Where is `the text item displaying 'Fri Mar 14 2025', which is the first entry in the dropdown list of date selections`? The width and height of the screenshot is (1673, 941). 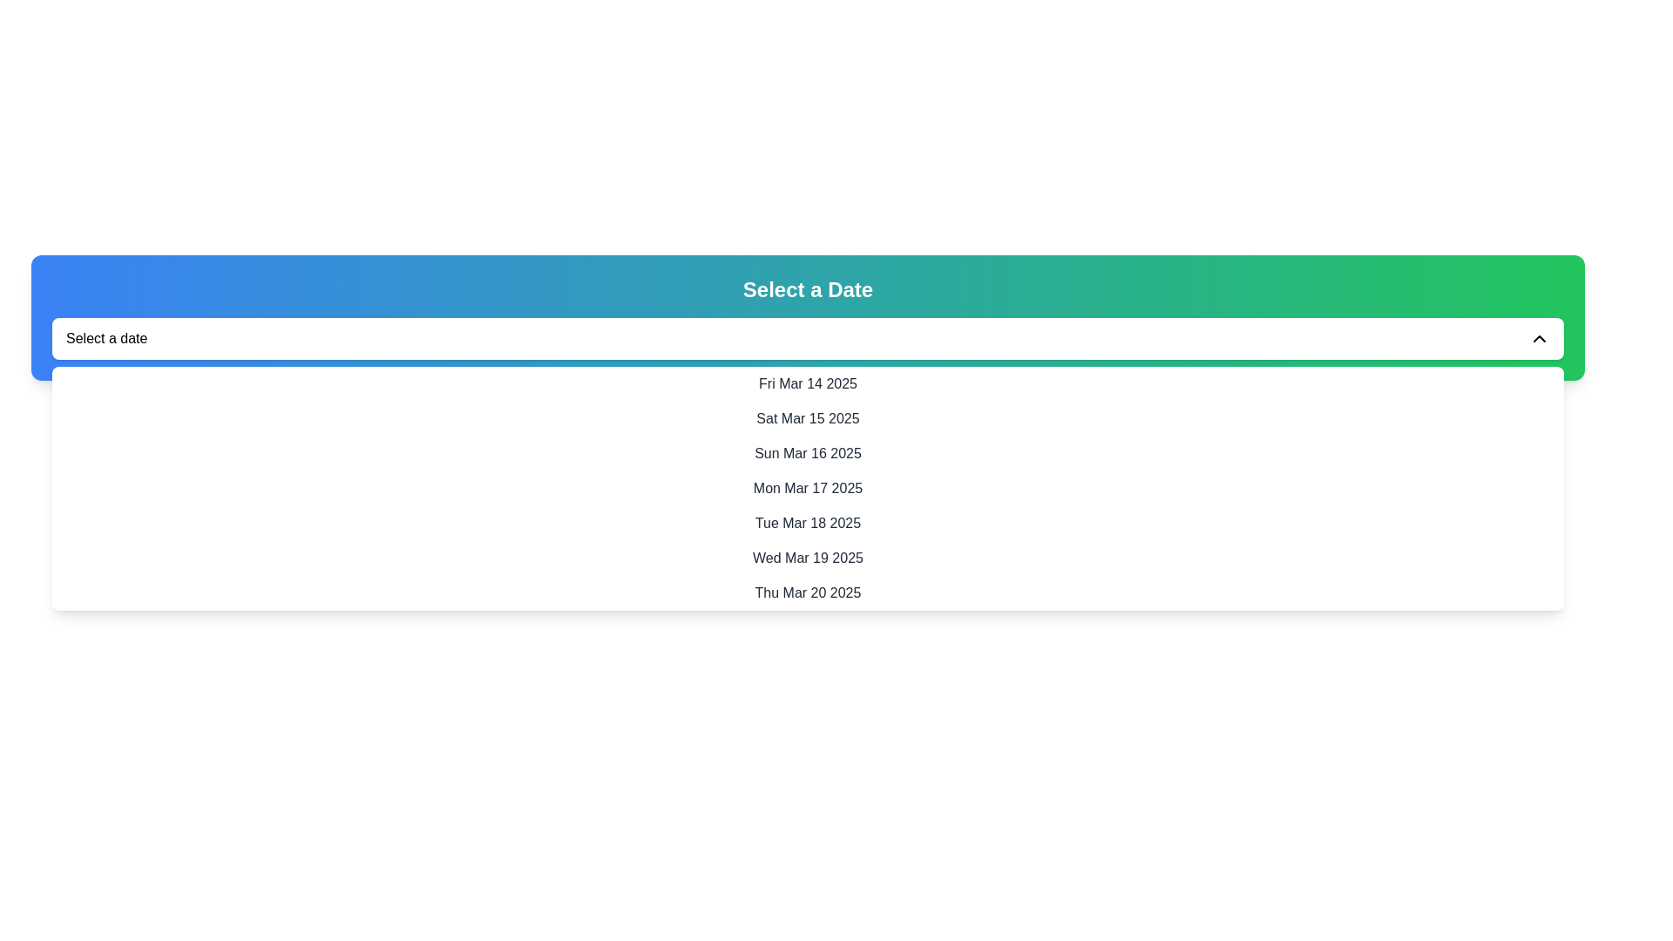 the text item displaying 'Fri Mar 14 2025', which is the first entry in the dropdown list of date selections is located at coordinates (807, 382).